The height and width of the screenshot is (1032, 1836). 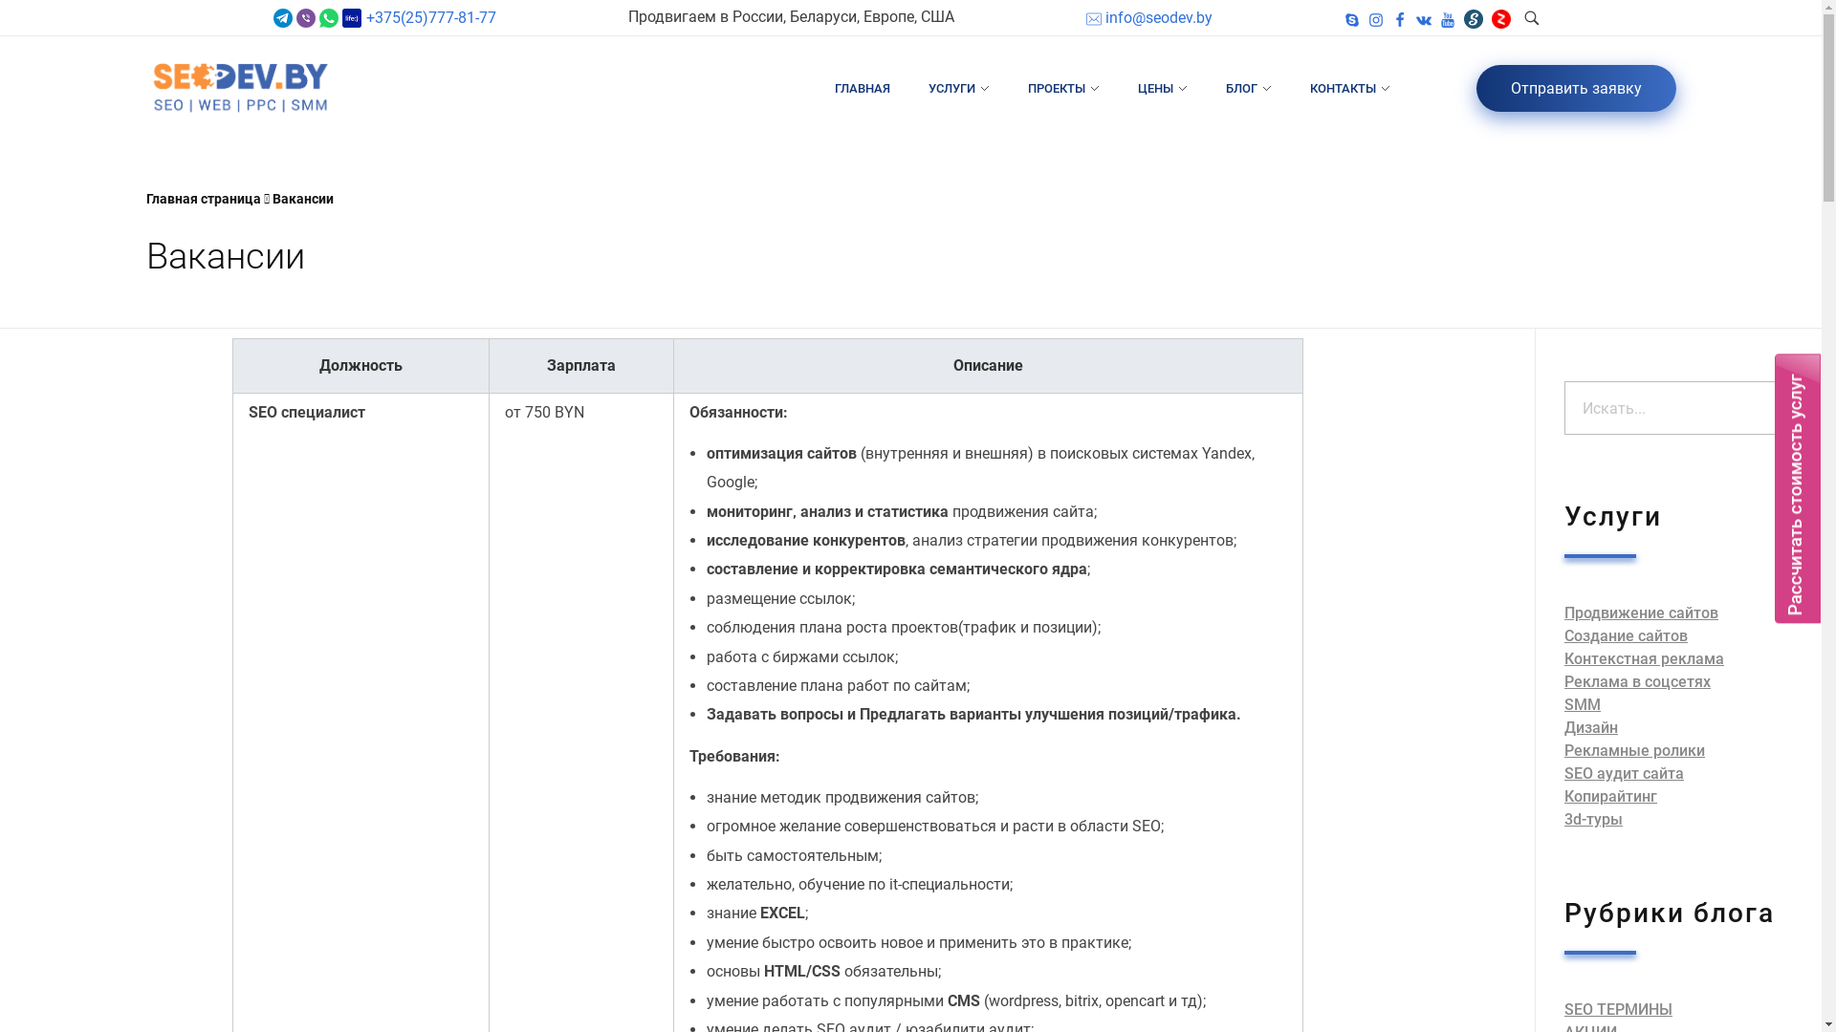 I want to click on '+375(25)777-81-77', so click(x=427, y=18).